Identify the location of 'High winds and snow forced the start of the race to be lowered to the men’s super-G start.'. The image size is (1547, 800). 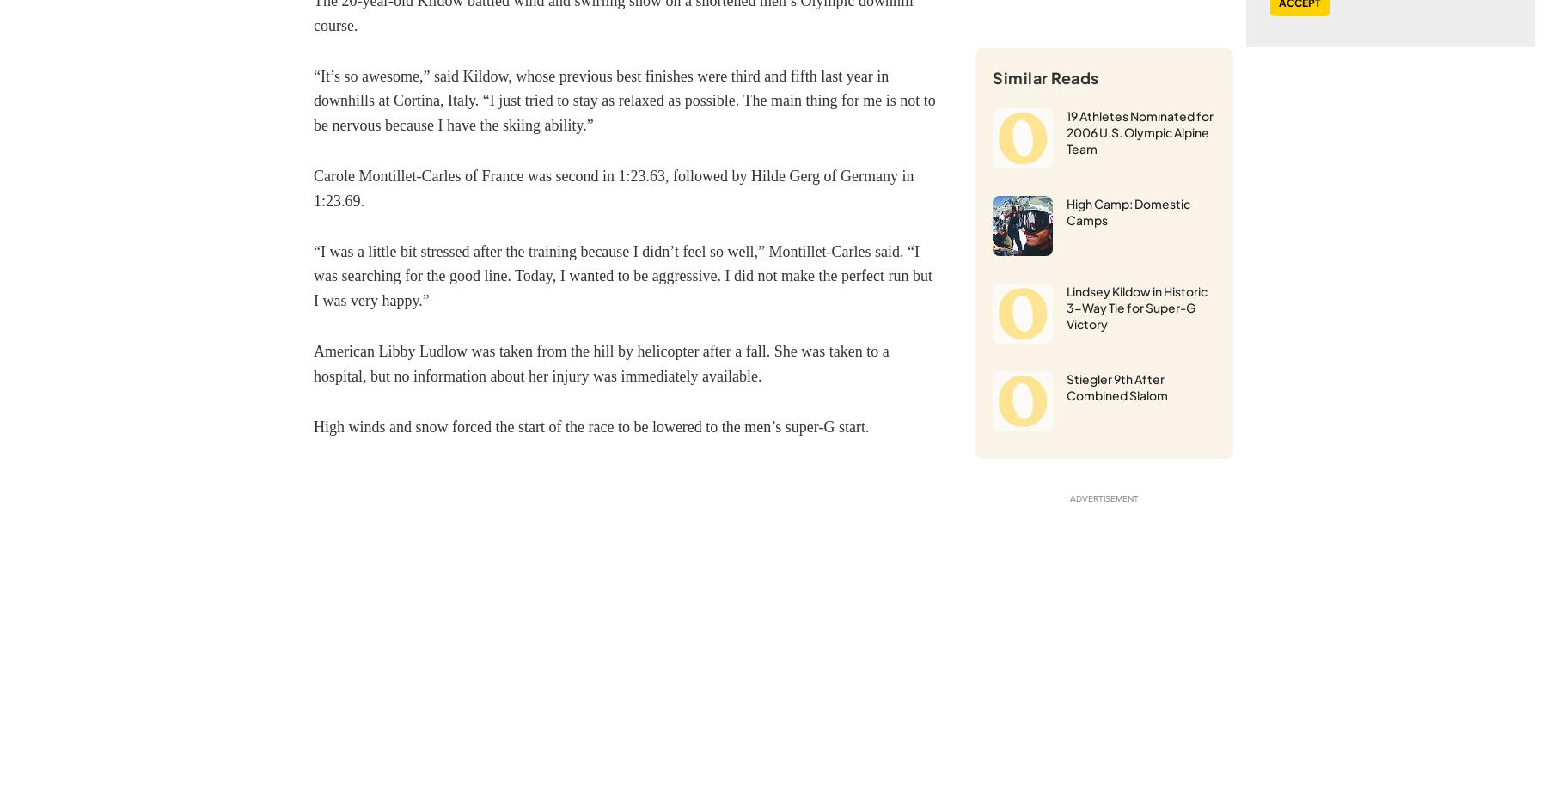
(314, 426).